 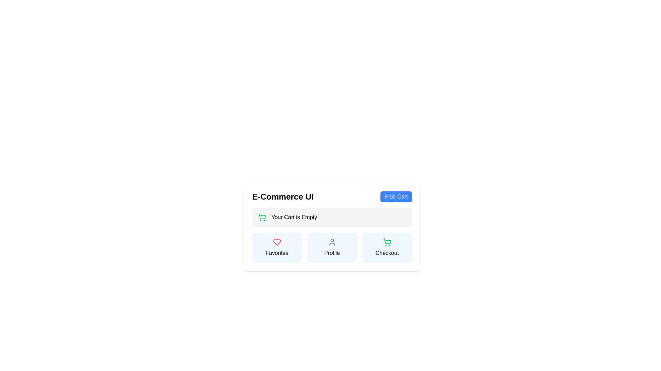 I want to click on the Checkout icon located, so click(x=387, y=241).